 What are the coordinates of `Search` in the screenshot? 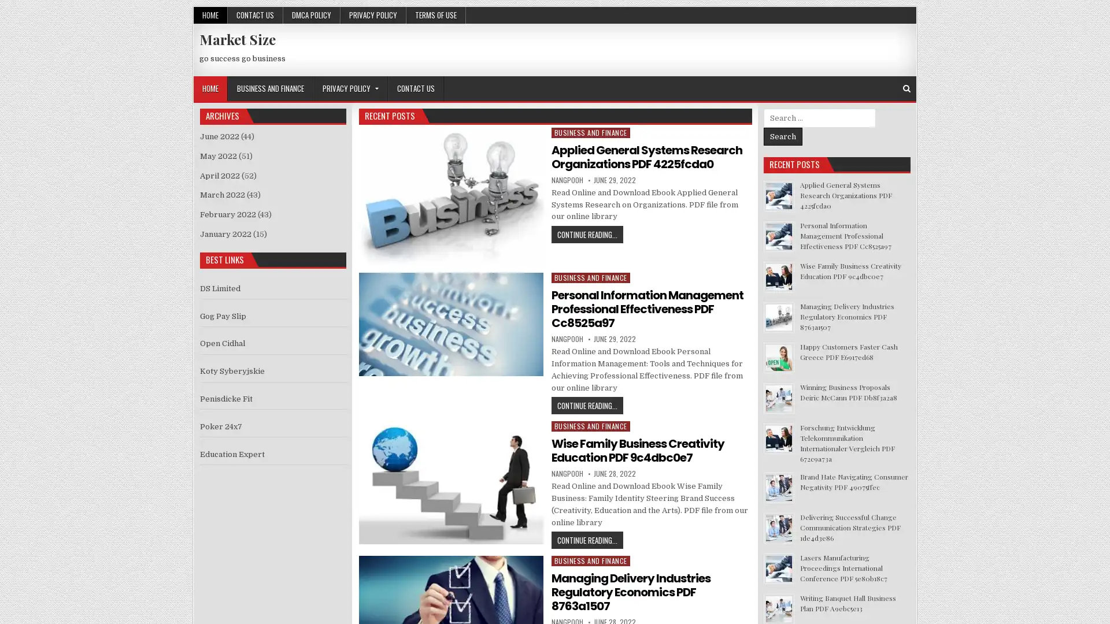 It's located at (783, 136).